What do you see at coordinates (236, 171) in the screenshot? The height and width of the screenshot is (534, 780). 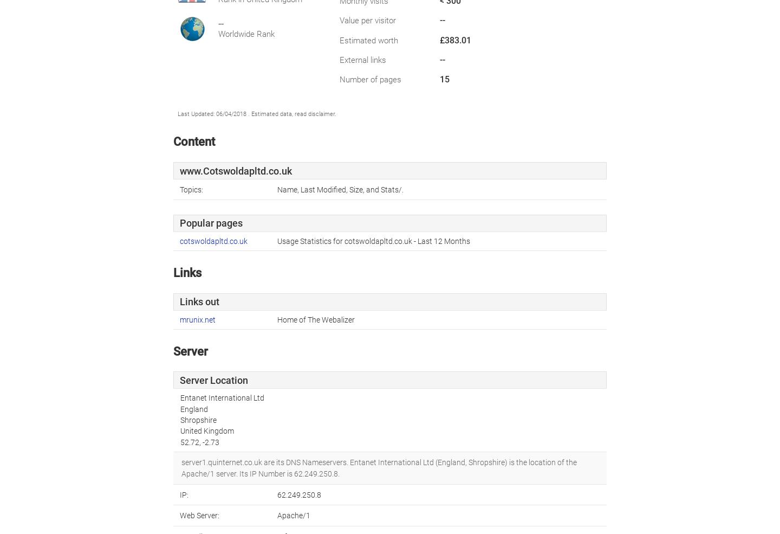 I see `'www.Cotswoldapltd.co.uk'` at bounding box center [236, 171].